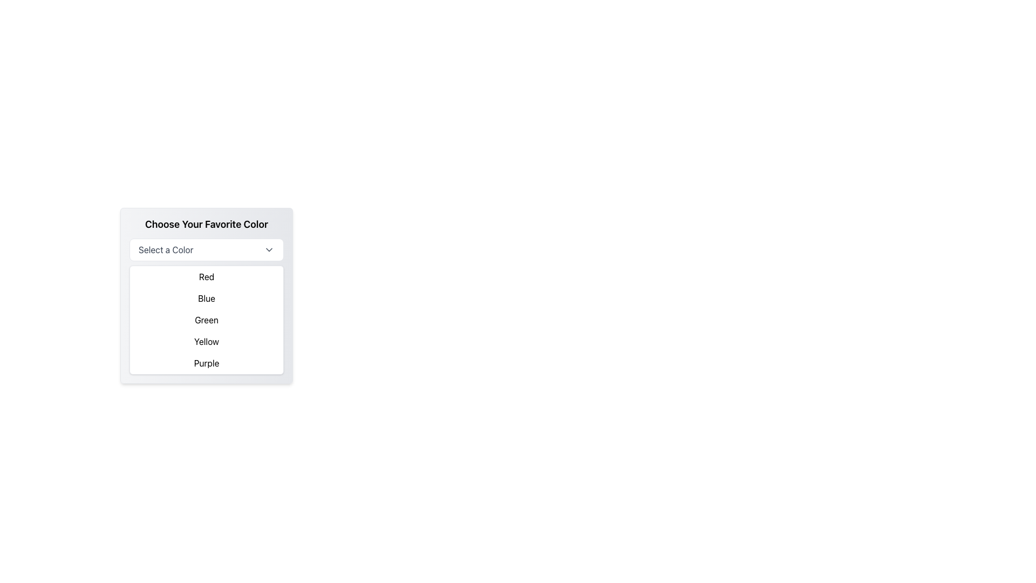 The width and height of the screenshot is (1036, 583). What do you see at coordinates (207, 320) in the screenshot?
I see `the List item menu option displaying 'Green'` at bounding box center [207, 320].